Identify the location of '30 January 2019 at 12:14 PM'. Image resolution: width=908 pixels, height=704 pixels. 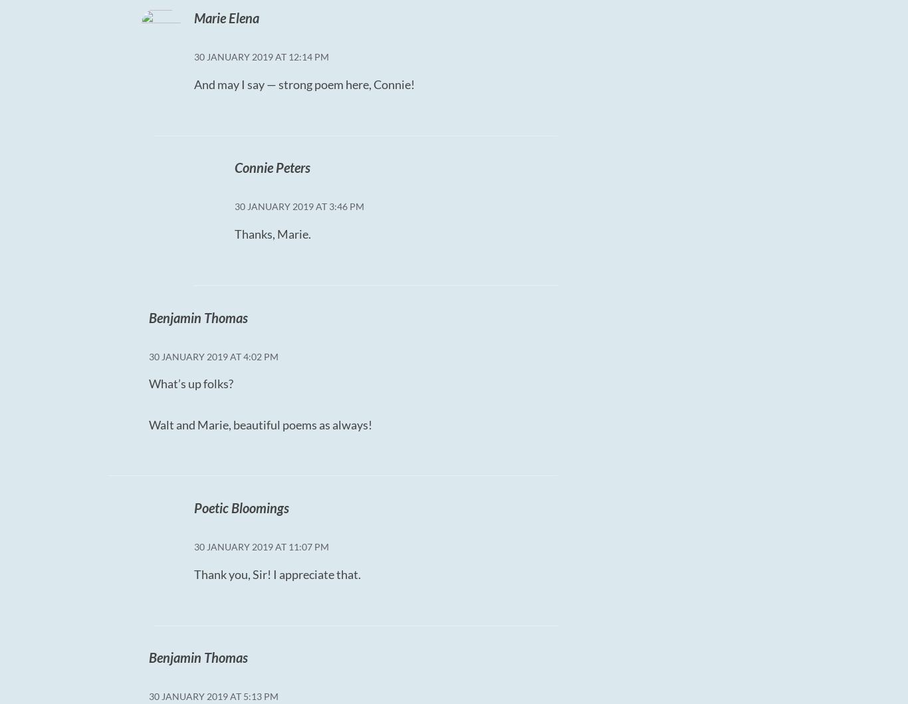
(260, 57).